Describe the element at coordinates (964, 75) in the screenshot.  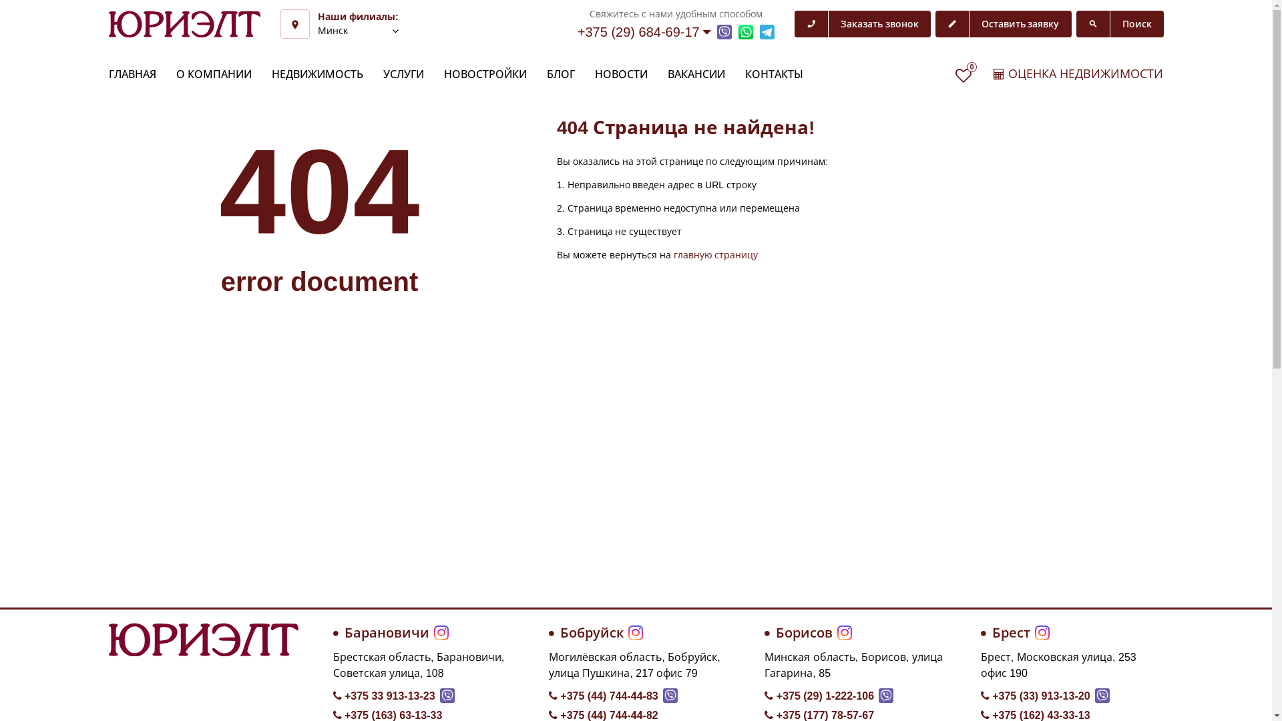
I see `'0'` at that location.